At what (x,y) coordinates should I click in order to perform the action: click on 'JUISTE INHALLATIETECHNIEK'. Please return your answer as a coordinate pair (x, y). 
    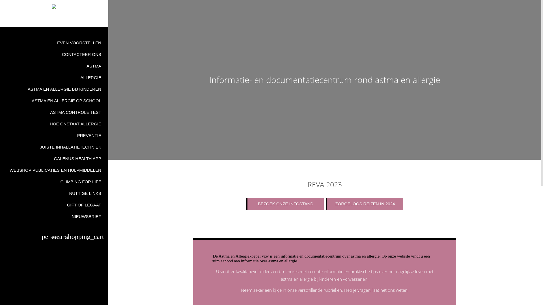
    Looking at the image, I should click on (54, 147).